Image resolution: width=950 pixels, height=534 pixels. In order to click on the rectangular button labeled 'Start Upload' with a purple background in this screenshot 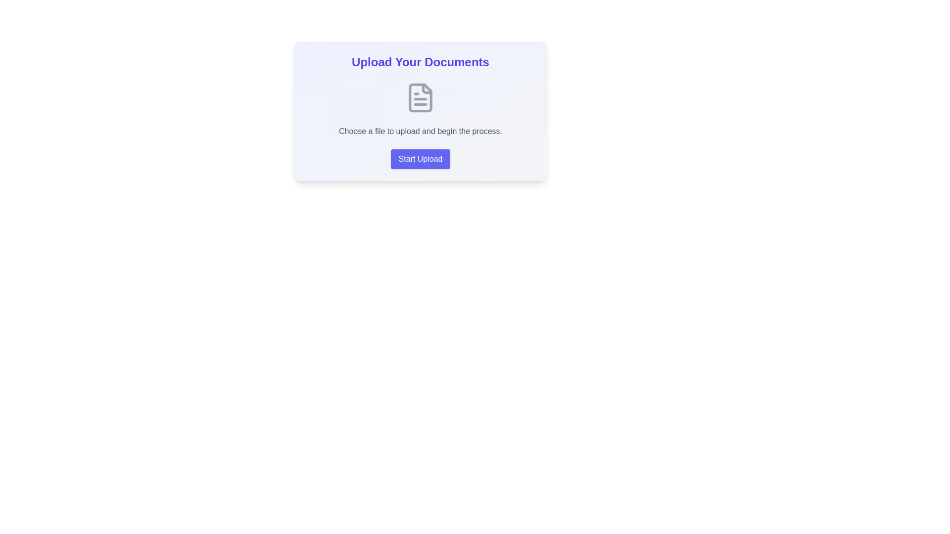, I will do `click(420, 158)`.